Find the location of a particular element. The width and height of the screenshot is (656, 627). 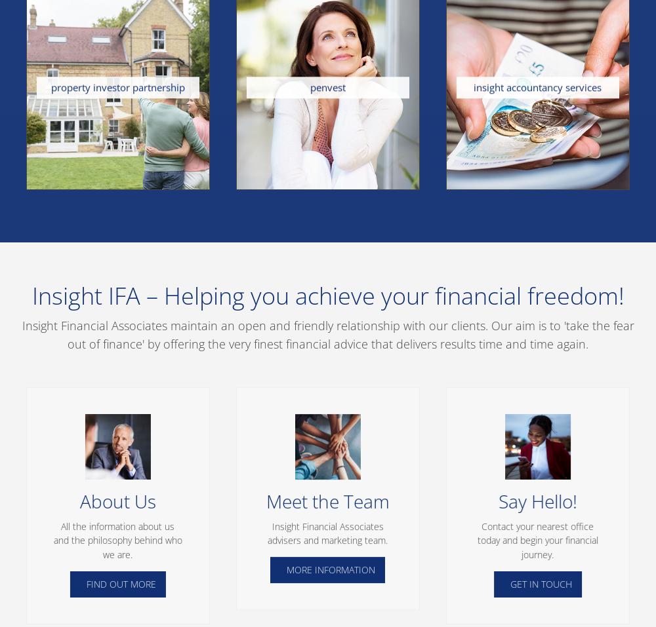

'Insight Financial Associates advisers and marketing team.' is located at coordinates (327, 532).